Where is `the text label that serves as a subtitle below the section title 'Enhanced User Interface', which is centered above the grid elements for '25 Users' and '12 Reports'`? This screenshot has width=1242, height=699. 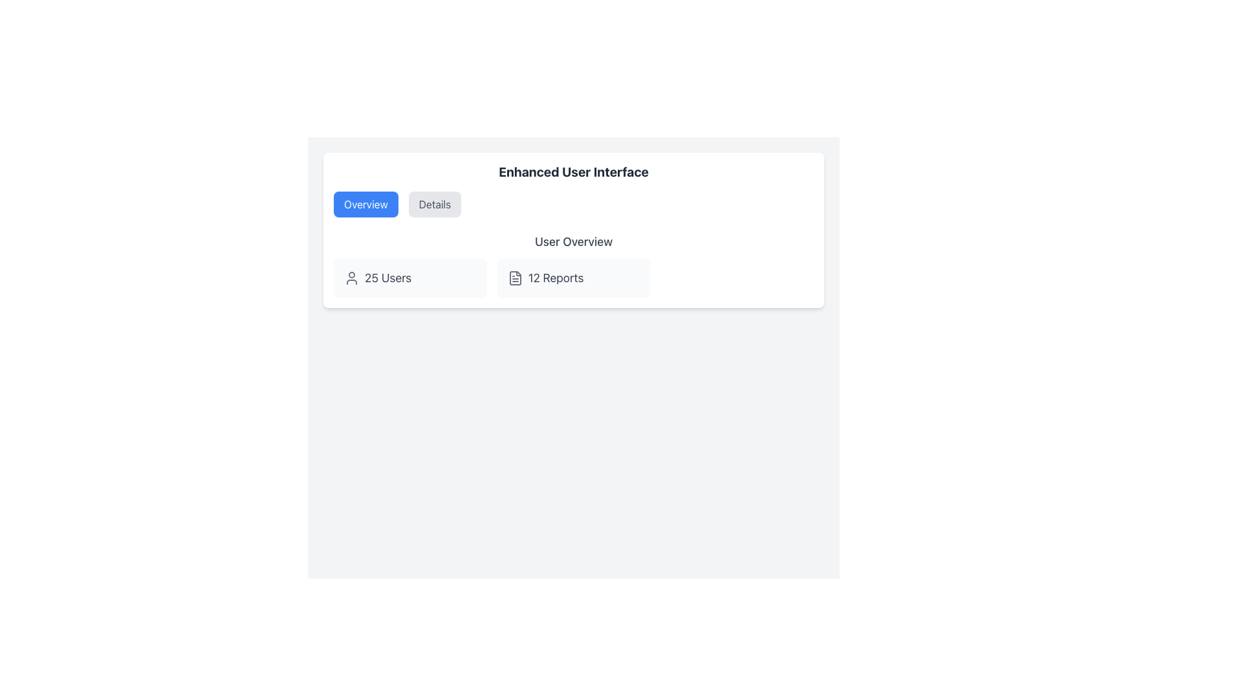 the text label that serves as a subtitle below the section title 'Enhanced User Interface', which is centered above the grid elements for '25 Users' and '12 Reports' is located at coordinates (573, 242).